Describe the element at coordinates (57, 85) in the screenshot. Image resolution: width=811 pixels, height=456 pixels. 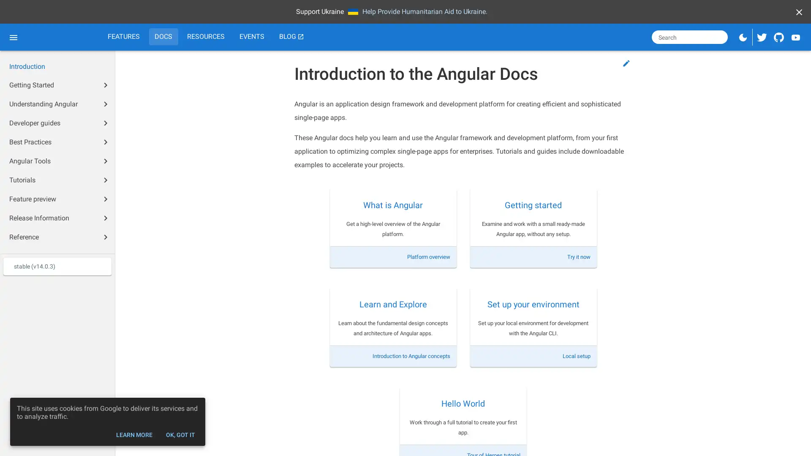
I see `Getting Started` at that location.